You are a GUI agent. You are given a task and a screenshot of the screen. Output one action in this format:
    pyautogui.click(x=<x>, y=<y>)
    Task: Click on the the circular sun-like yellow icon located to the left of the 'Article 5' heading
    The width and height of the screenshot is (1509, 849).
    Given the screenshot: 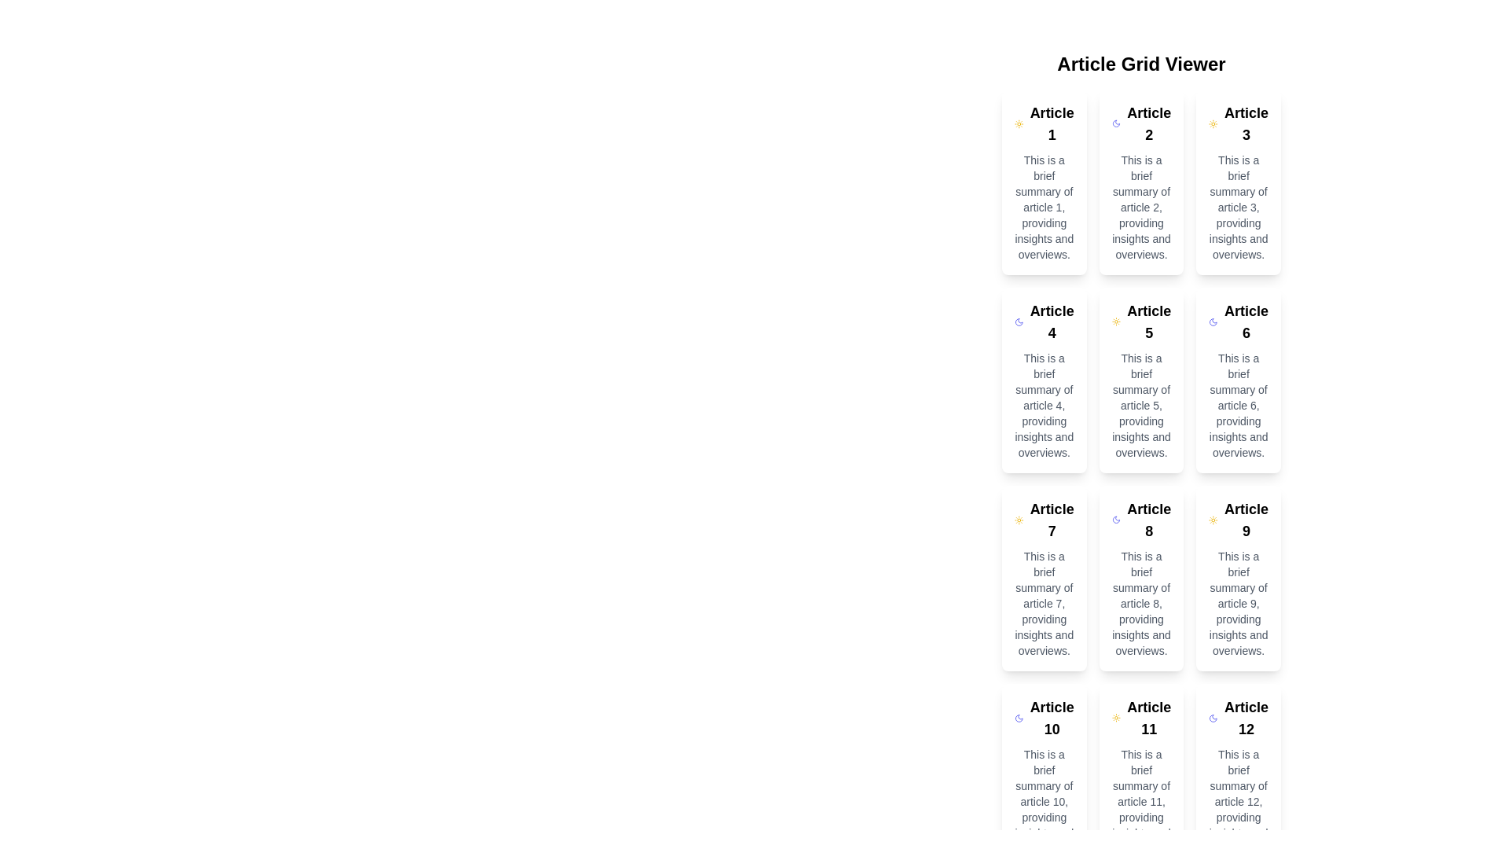 What is the action you would take?
    pyautogui.click(x=1115, y=321)
    